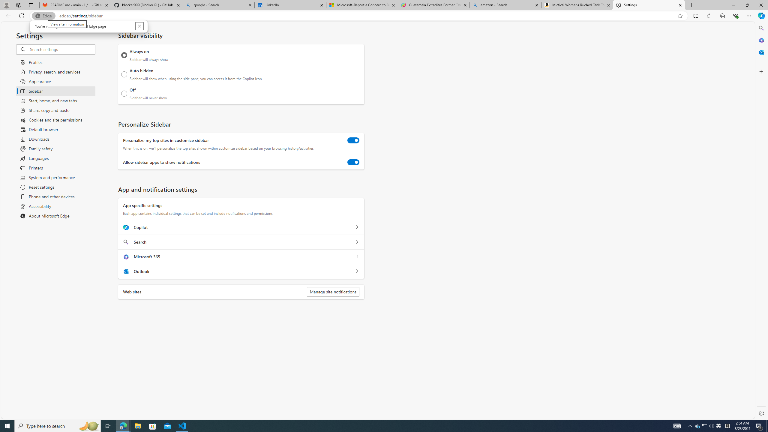 This screenshot has width=768, height=432. I want to click on 'Tray Input Indicator - Chinese (Simplified, China)', so click(727, 425).